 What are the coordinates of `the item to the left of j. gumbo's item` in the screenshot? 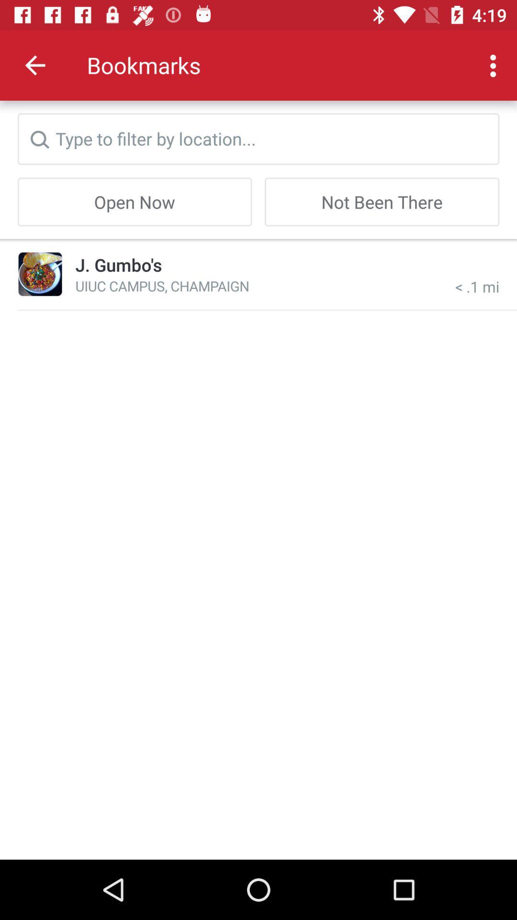 It's located at (40, 274).